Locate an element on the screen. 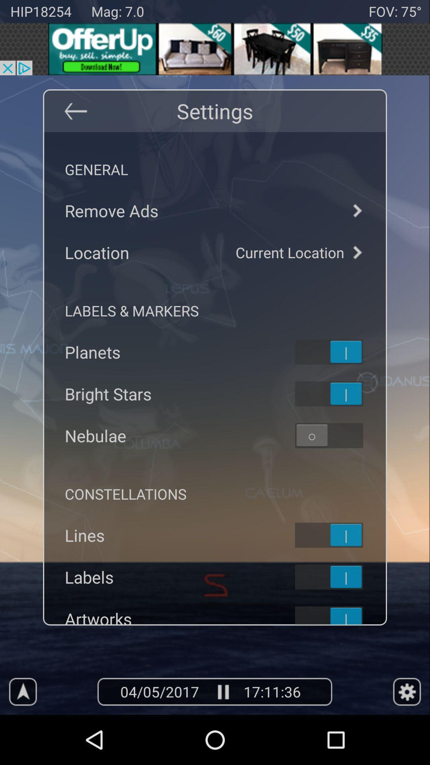  turn off labels is located at coordinates (339, 577).